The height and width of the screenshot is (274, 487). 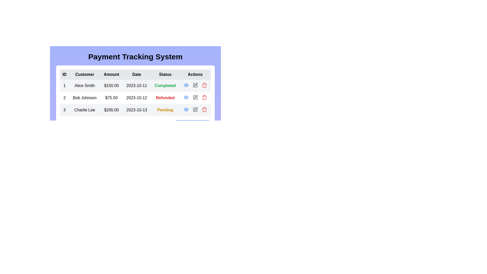 What do you see at coordinates (195, 109) in the screenshot?
I see `the pencil icon button in the 'Actions' column of the last row of the table` at bounding box center [195, 109].